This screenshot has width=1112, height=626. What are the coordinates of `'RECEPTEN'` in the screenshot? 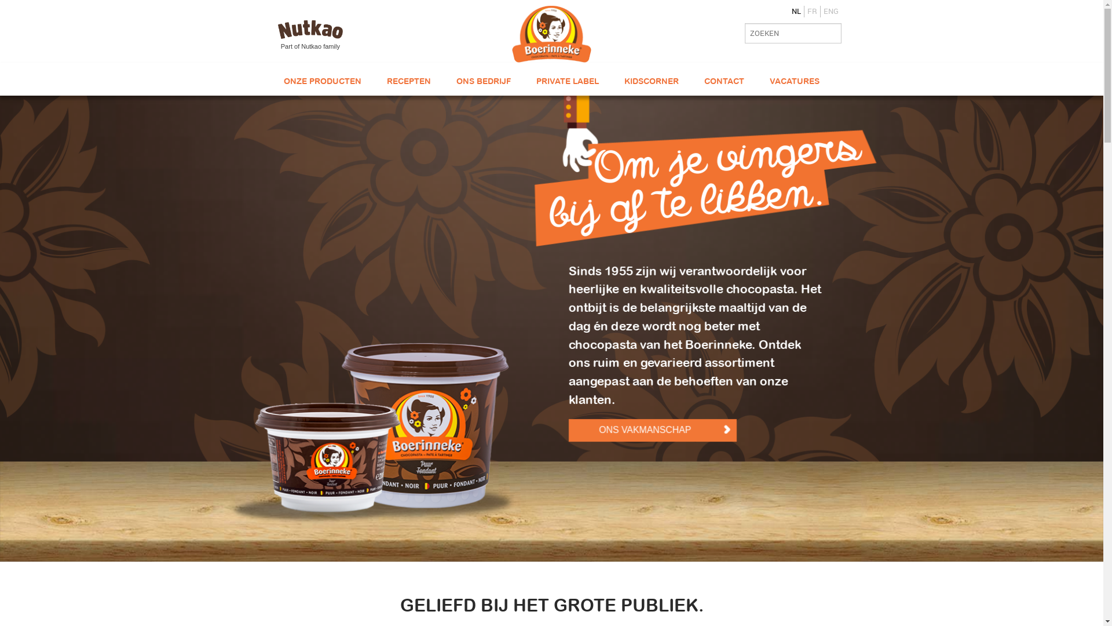 It's located at (408, 80).